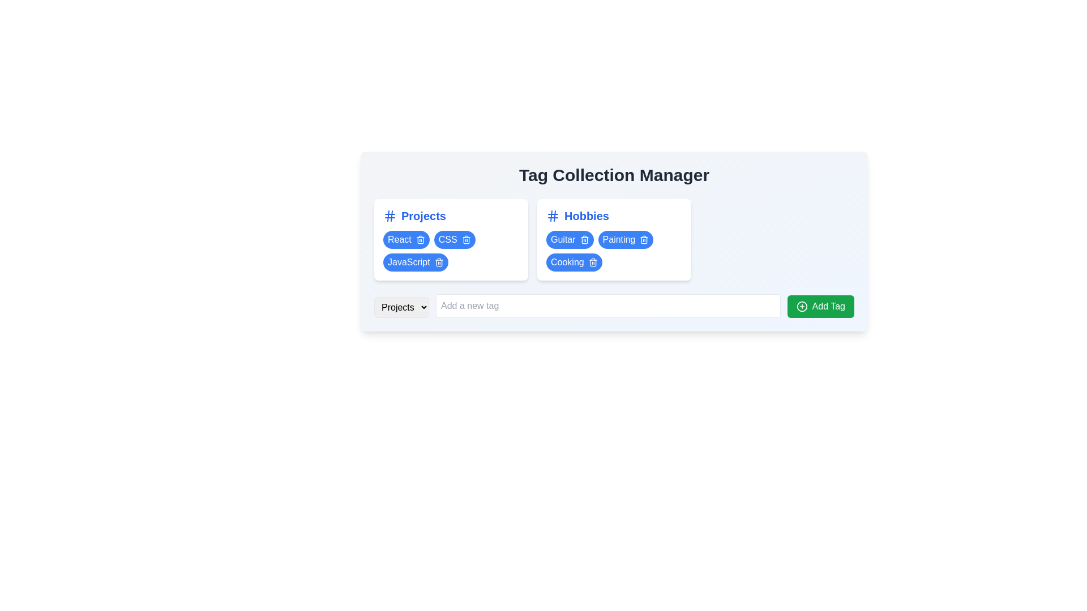 This screenshot has width=1087, height=611. What do you see at coordinates (406, 239) in the screenshot?
I see `the 'React' tag, which has a blue background and white text, located within the 'Projects' group of tags` at bounding box center [406, 239].